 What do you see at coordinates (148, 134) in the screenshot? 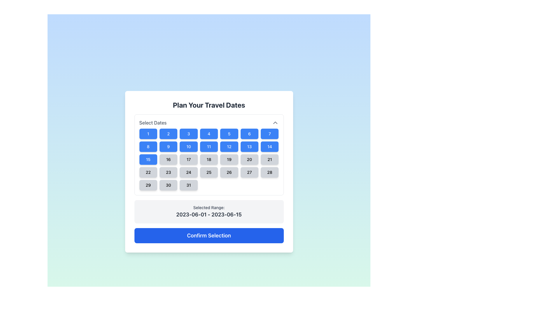
I see `the first day of the month button in the calendar-like interface` at bounding box center [148, 134].